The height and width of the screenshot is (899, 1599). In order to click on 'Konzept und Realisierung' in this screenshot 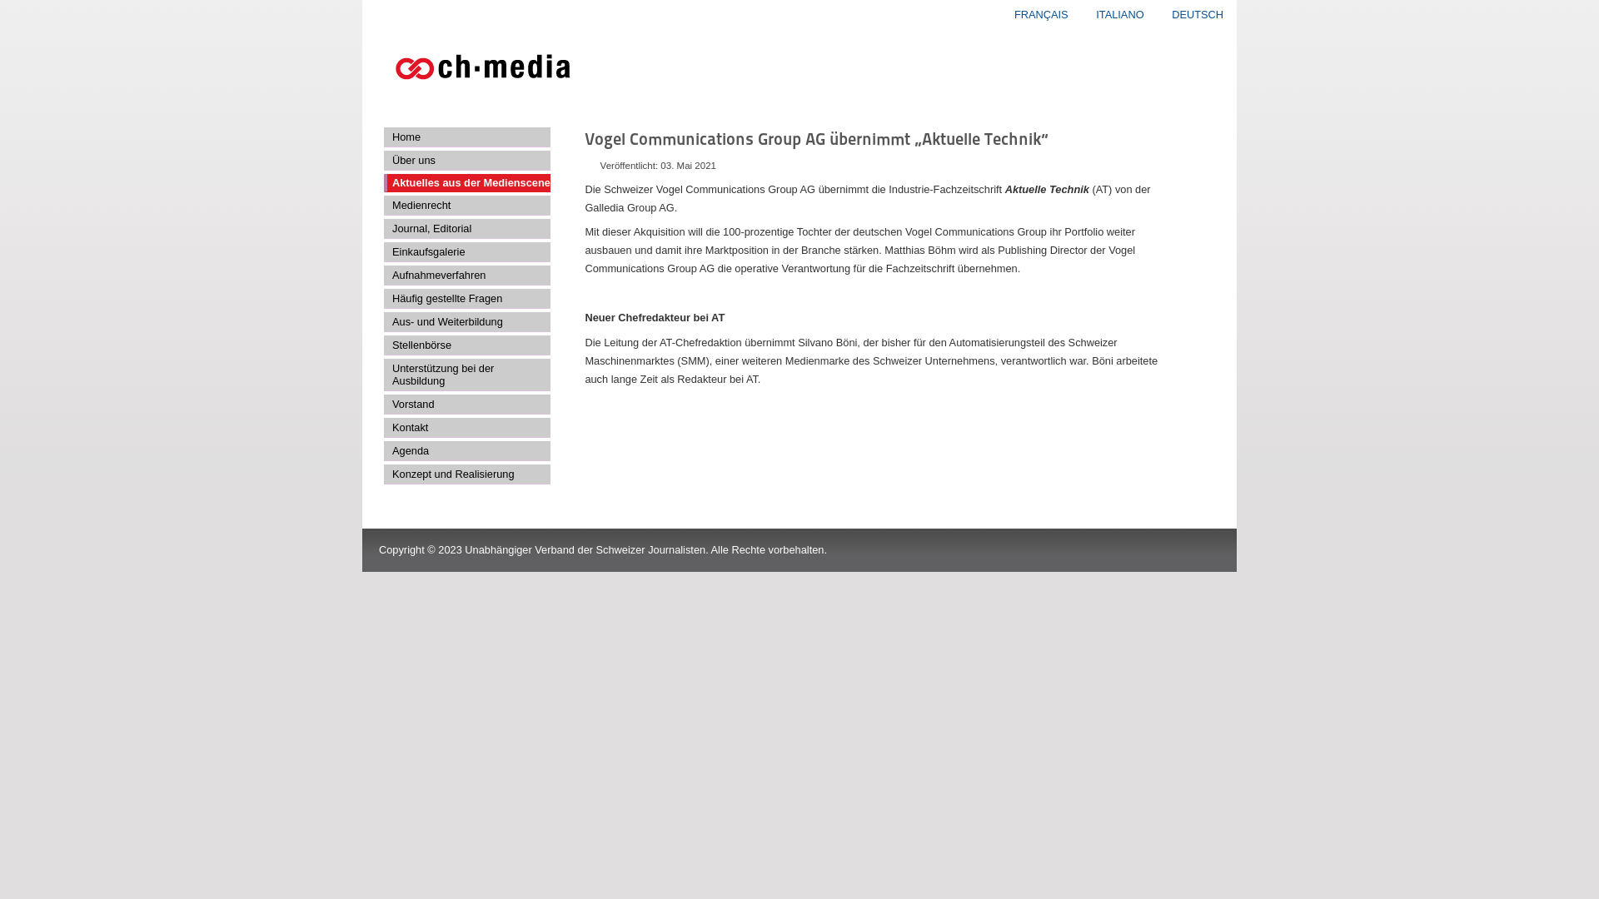, I will do `click(466, 474)`.